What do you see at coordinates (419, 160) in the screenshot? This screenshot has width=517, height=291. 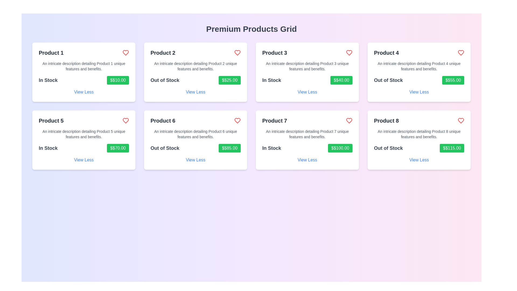 I see `the 'View Less' hyperlink styled in blue text located at the bottom of the 'Product 8' card` at bounding box center [419, 160].